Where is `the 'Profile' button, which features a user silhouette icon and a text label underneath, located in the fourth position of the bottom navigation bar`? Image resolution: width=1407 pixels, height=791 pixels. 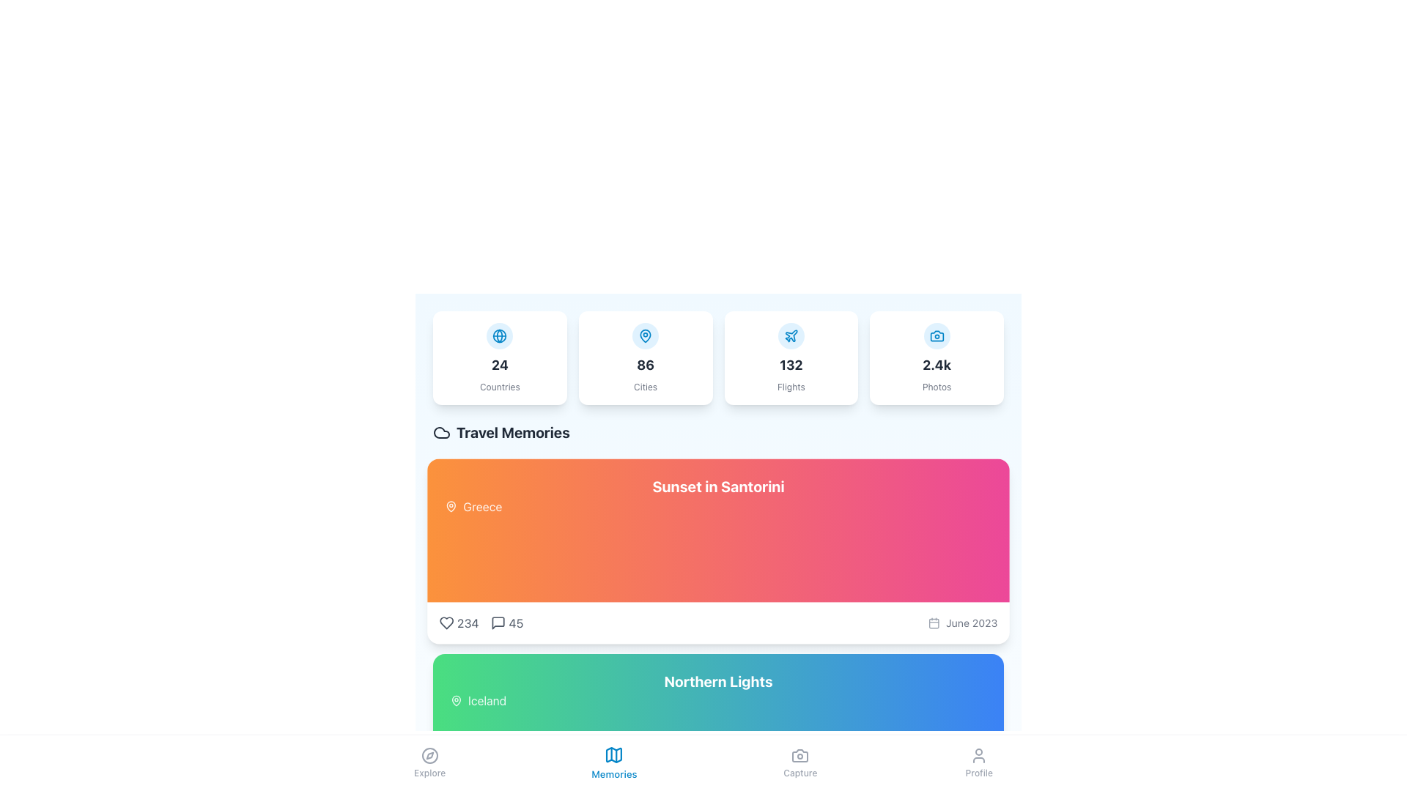
the 'Profile' button, which features a user silhouette icon and a text label underneath, located in the fourth position of the bottom navigation bar is located at coordinates (979, 762).